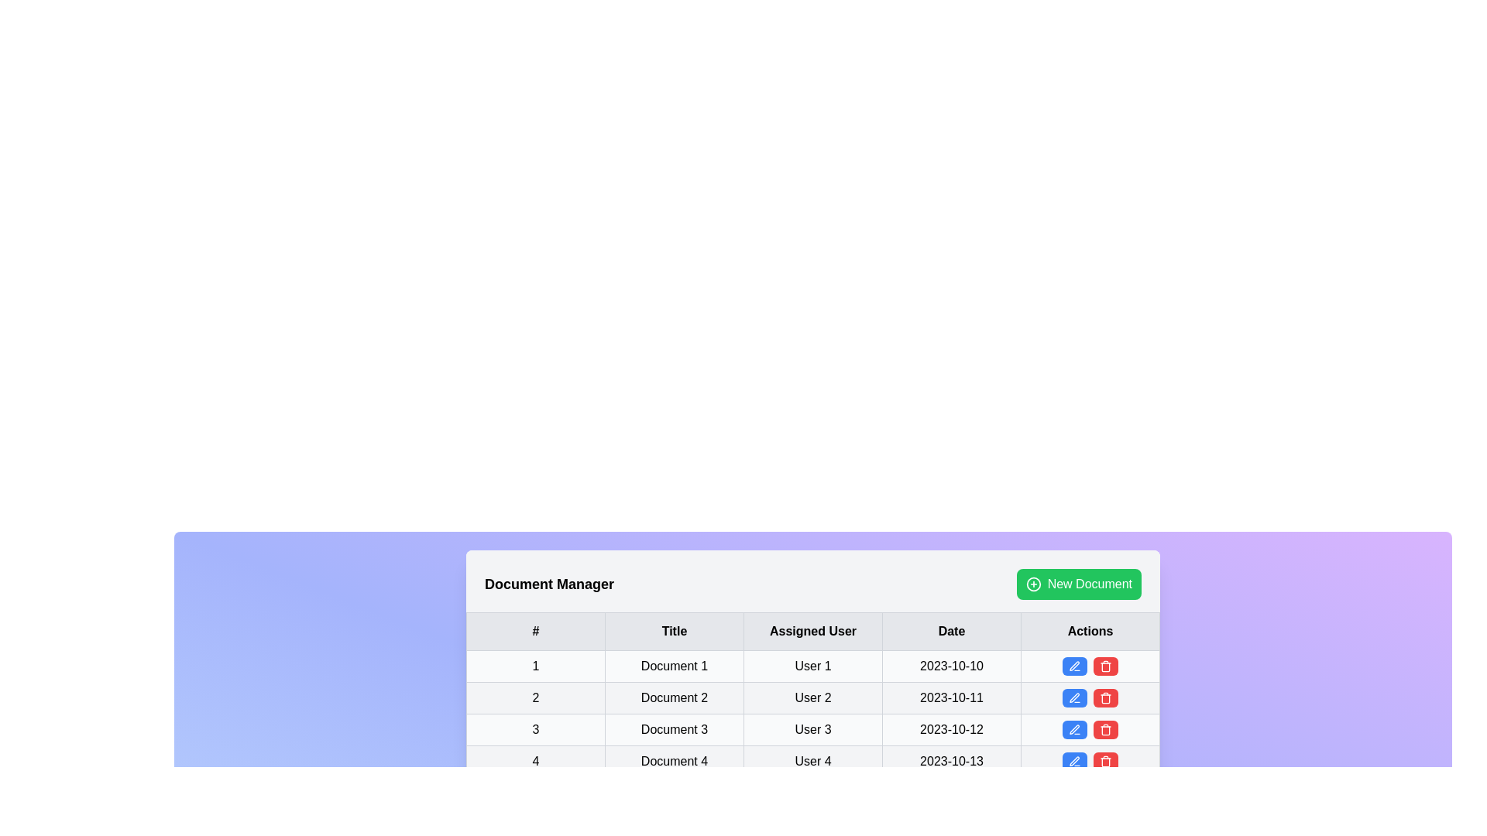  Describe the element at coordinates (1078, 584) in the screenshot. I see `the button located on the right side of the top bar in the 'Document Manager' section to initiate the document creation process` at that location.